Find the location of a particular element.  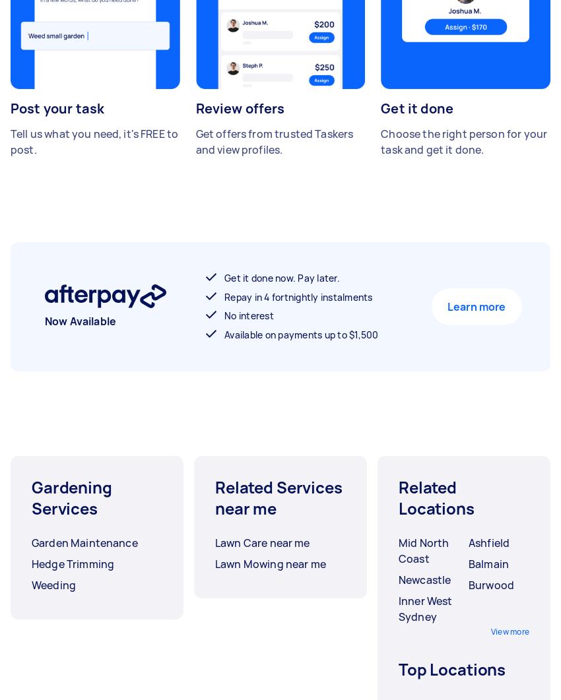

'Related Locations' is located at coordinates (436, 497).